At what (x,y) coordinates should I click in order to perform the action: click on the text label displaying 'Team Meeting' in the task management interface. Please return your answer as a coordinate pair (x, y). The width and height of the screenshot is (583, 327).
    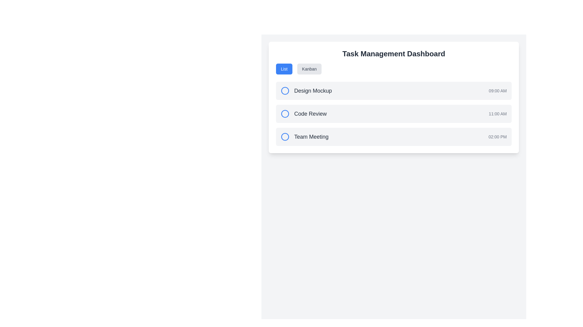
    Looking at the image, I should click on (311, 137).